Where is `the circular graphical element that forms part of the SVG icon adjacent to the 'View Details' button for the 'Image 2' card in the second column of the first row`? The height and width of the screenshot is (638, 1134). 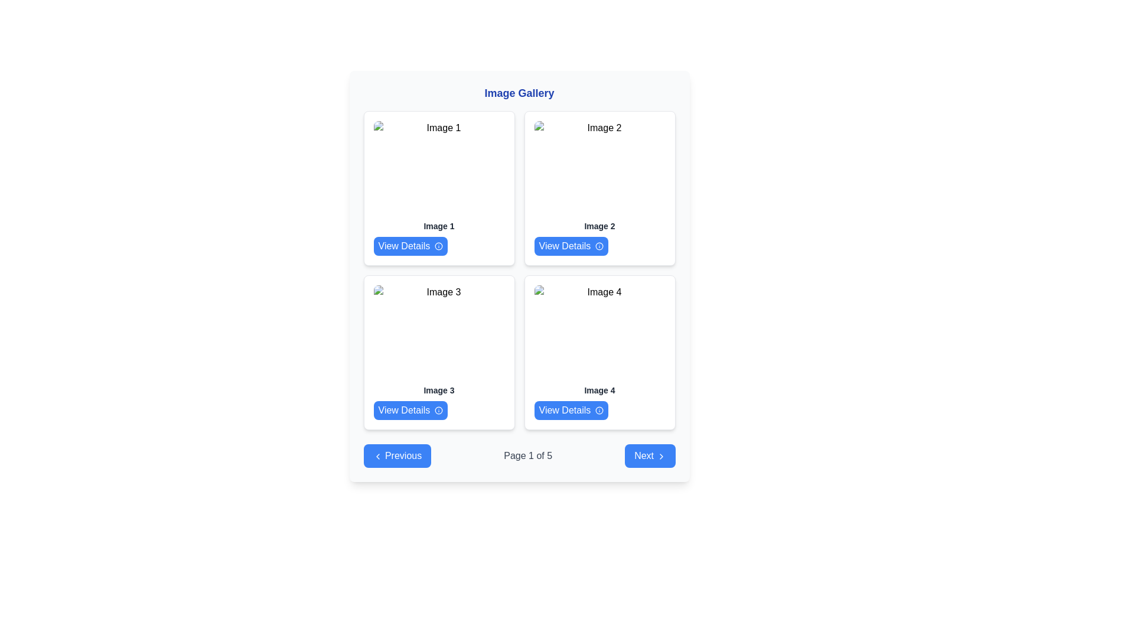 the circular graphical element that forms part of the SVG icon adjacent to the 'View Details' button for the 'Image 2' card in the second column of the first row is located at coordinates (599, 245).